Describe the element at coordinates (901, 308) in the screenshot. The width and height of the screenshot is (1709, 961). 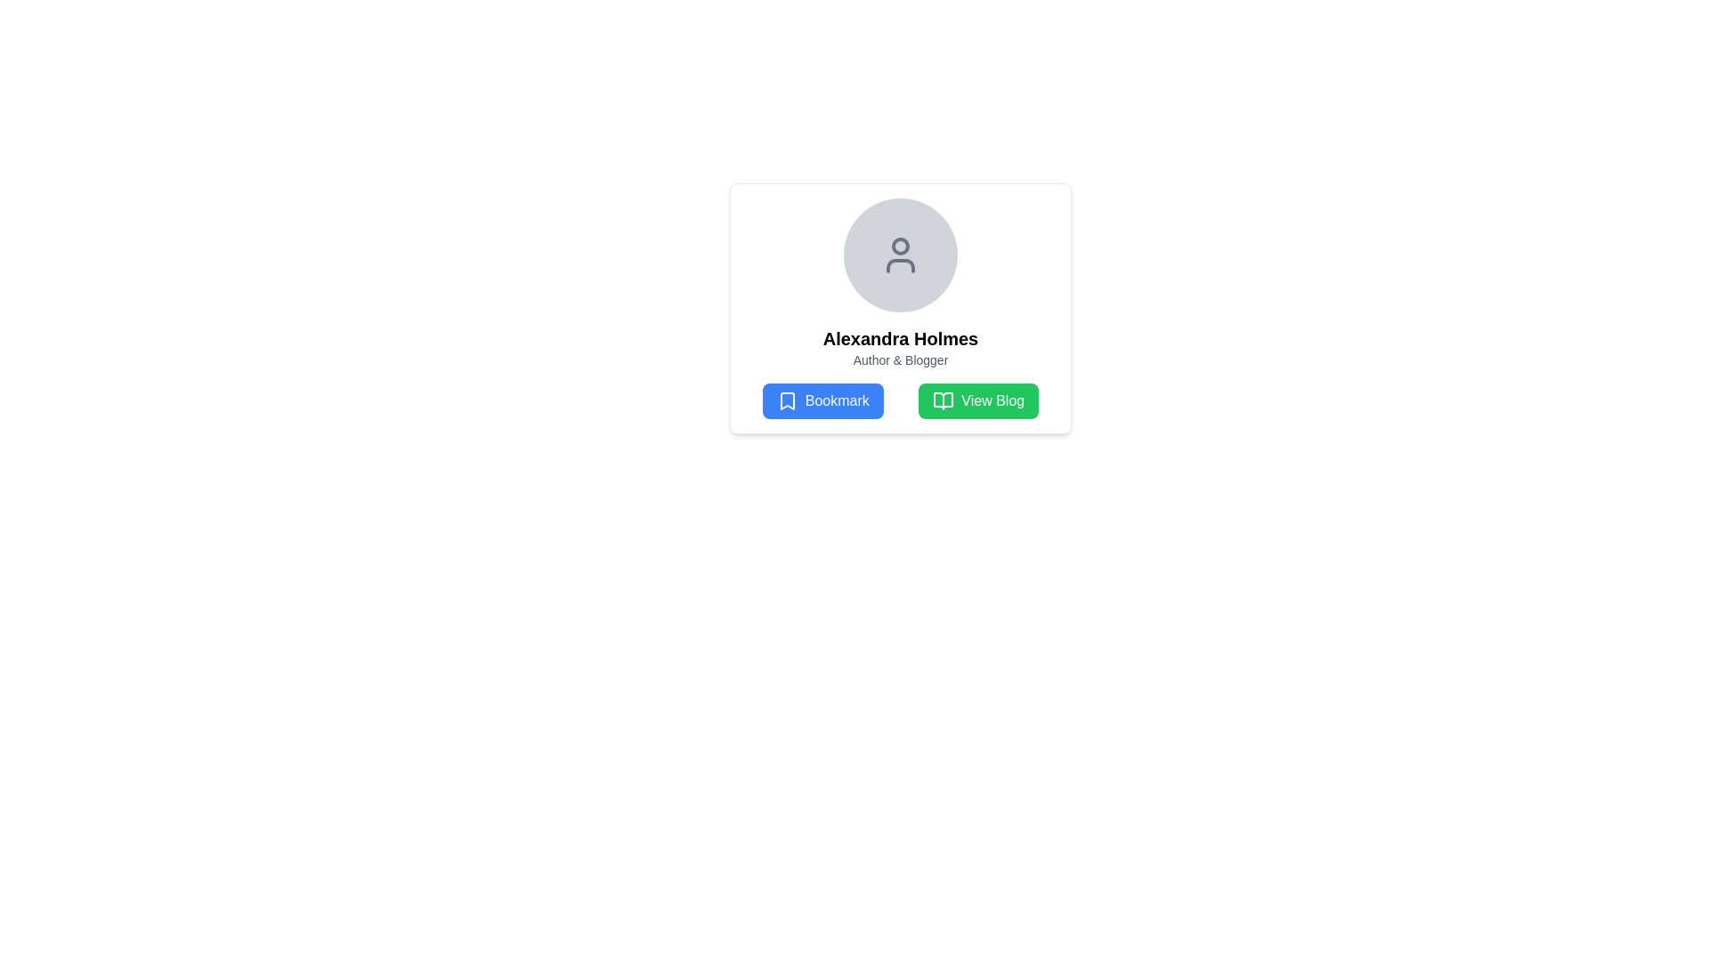
I see `the user icon in the Profile card of Alexandra Holmes` at that location.